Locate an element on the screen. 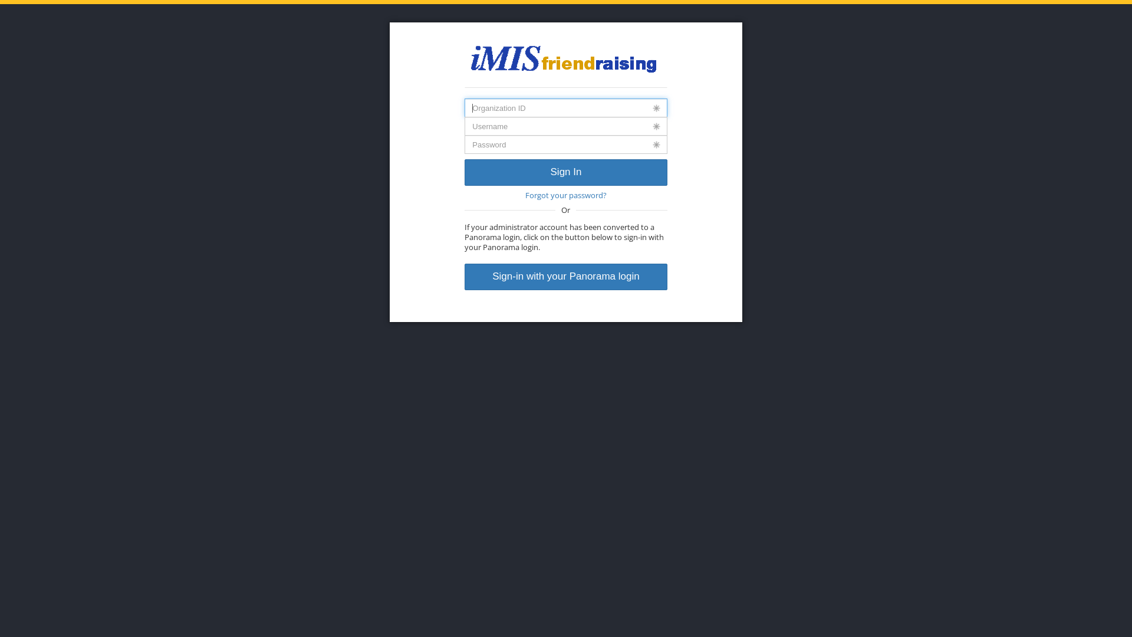 This screenshot has height=637, width=1132. 'Sign In' is located at coordinates (565, 172).